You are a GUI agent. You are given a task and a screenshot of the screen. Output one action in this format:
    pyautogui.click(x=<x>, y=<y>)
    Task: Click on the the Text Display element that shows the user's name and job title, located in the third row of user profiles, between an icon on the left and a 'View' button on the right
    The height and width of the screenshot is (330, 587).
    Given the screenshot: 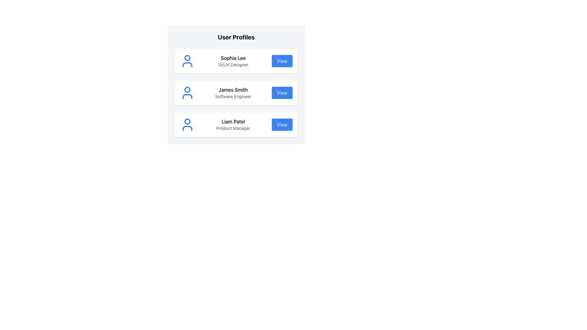 What is the action you would take?
    pyautogui.click(x=233, y=124)
    